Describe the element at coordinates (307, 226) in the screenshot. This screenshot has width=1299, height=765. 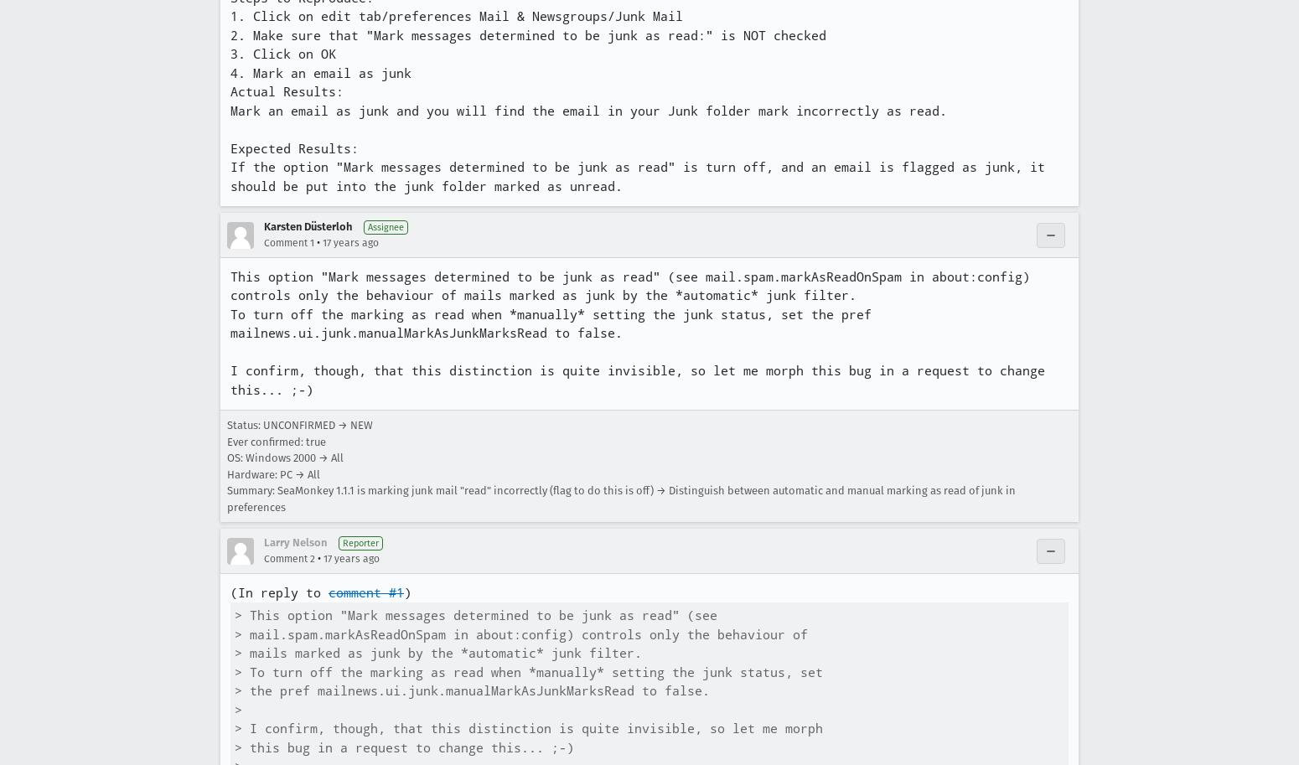
I see `'Karsten Düsterloh'` at that location.